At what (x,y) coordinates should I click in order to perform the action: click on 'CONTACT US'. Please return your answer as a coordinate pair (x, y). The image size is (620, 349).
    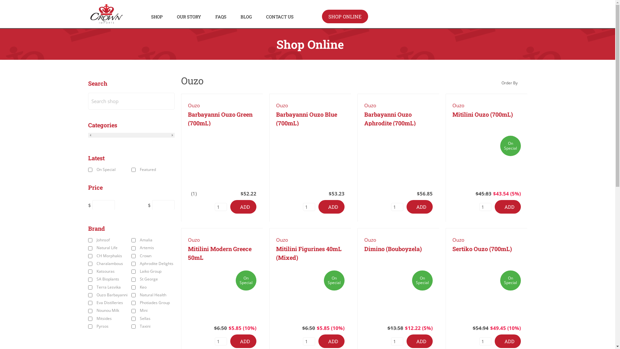
    Looking at the image, I should click on (280, 16).